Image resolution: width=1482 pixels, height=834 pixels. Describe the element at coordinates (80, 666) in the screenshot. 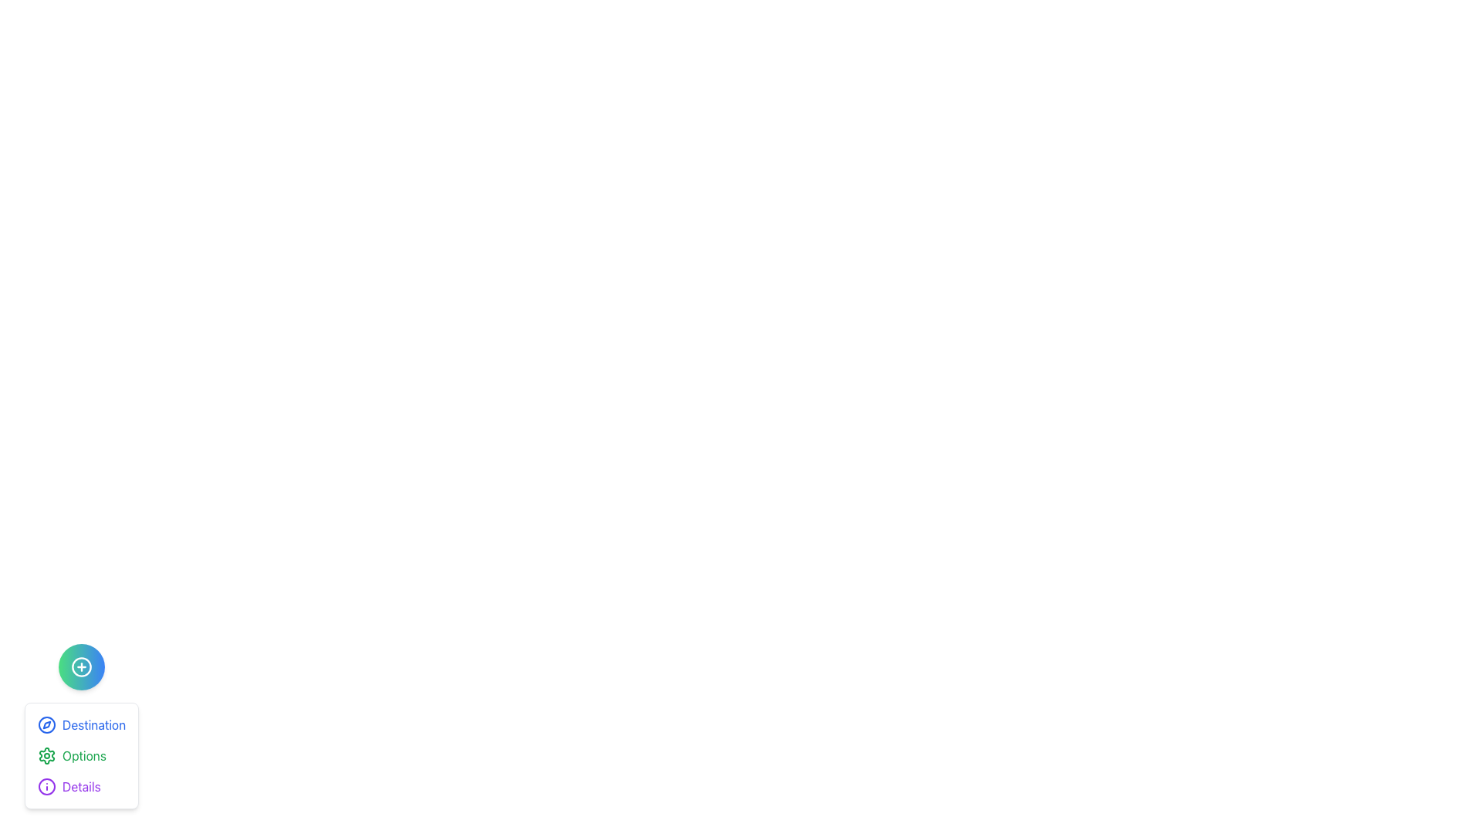

I see `the circular icon button with a '+' symbol at the center, which has a gradient background transitioning from green to blue` at that location.